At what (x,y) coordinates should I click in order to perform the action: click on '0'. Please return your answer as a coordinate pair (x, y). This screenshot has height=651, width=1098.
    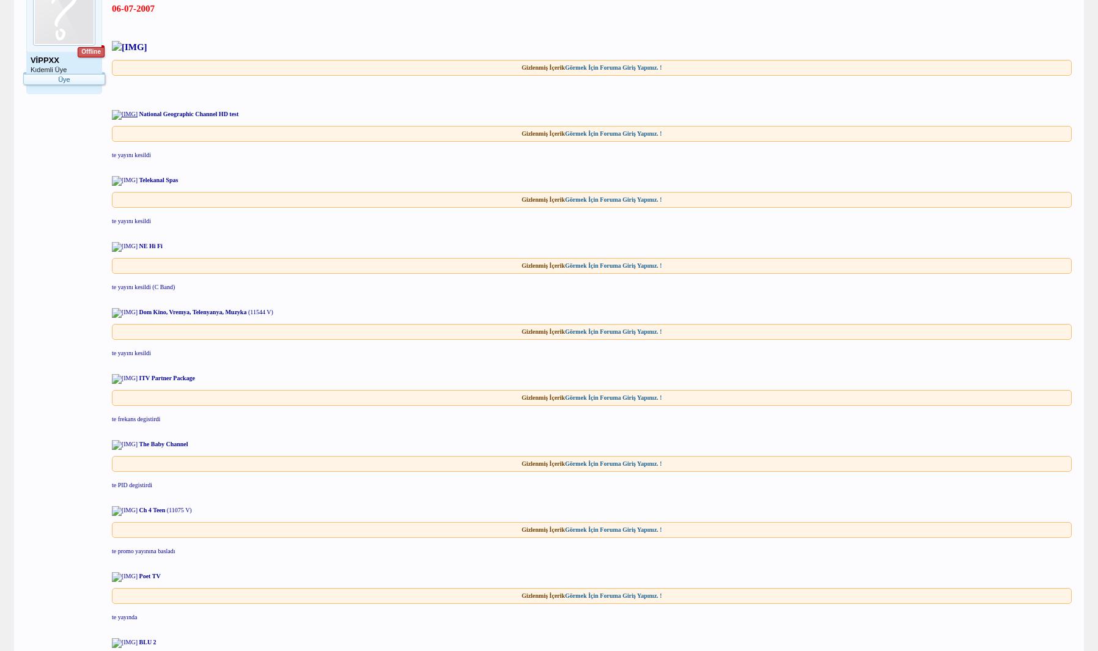
    Looking at the image, I should click on (95, 117).